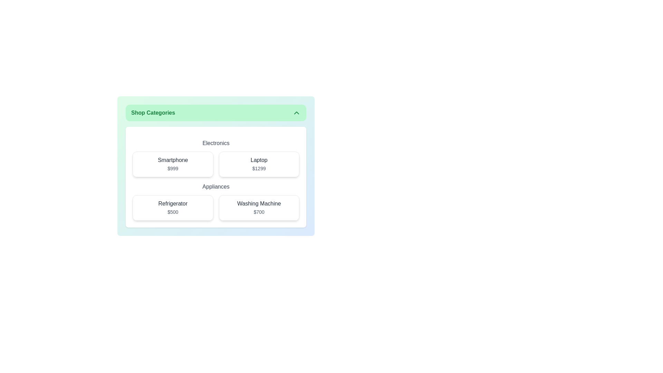 Image resolution: width=663 pixels, height=373 pixels. What do you see at coordinates (153, 113) in the screenshot?
I see `the text label located in the green rounded rectangular bar at the top of the section` at bounding box center [153, 113].